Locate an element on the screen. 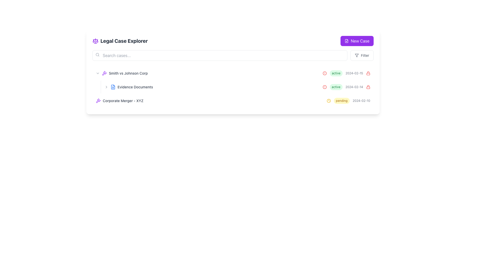  the filter button located at the top-right corner of the main interface, immediately to the left of the purple 'New Case' button is located at coordinates (362, 56).